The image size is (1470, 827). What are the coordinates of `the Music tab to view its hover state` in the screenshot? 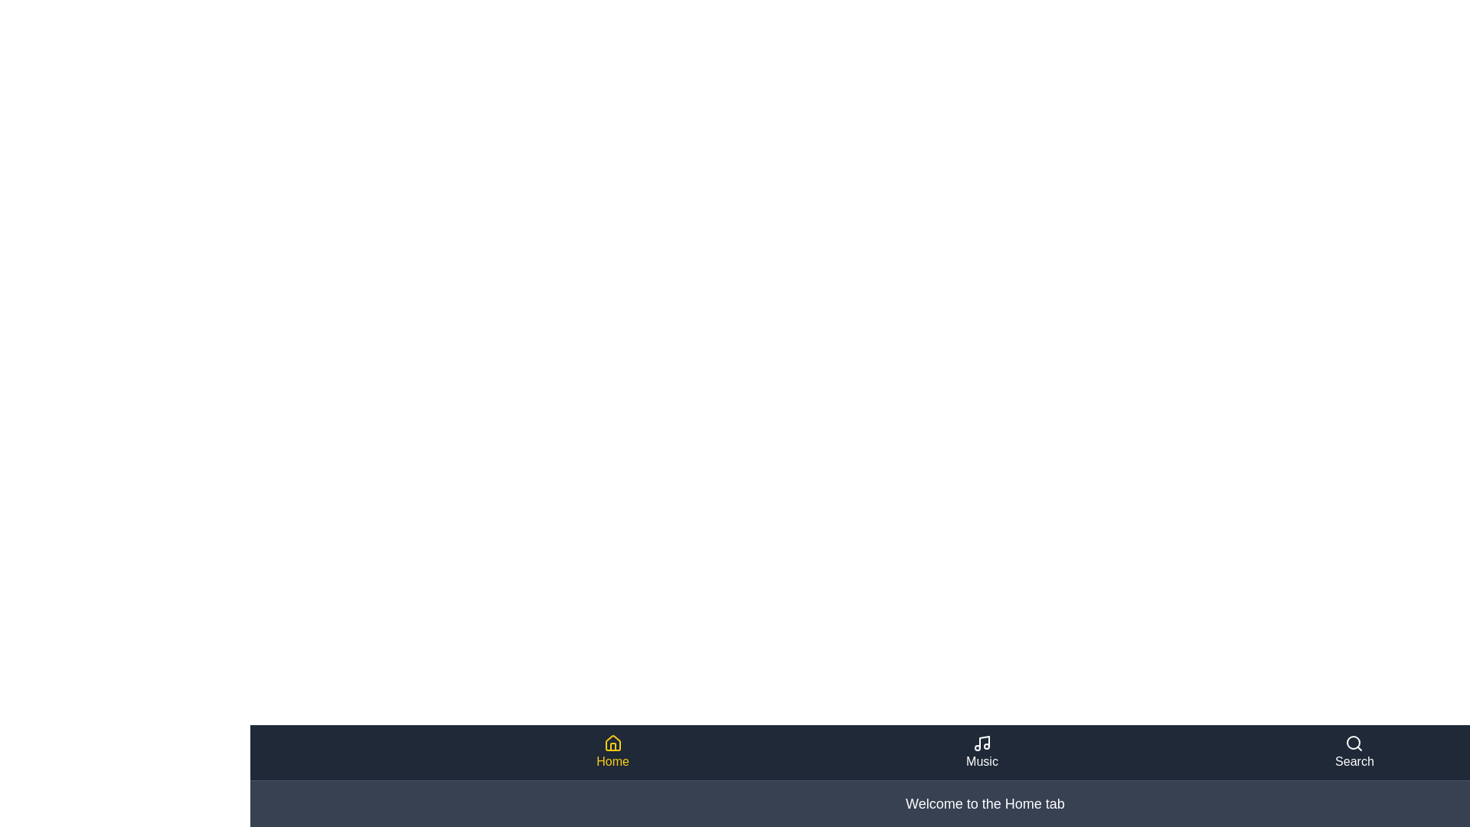 It's located at (982, 752).